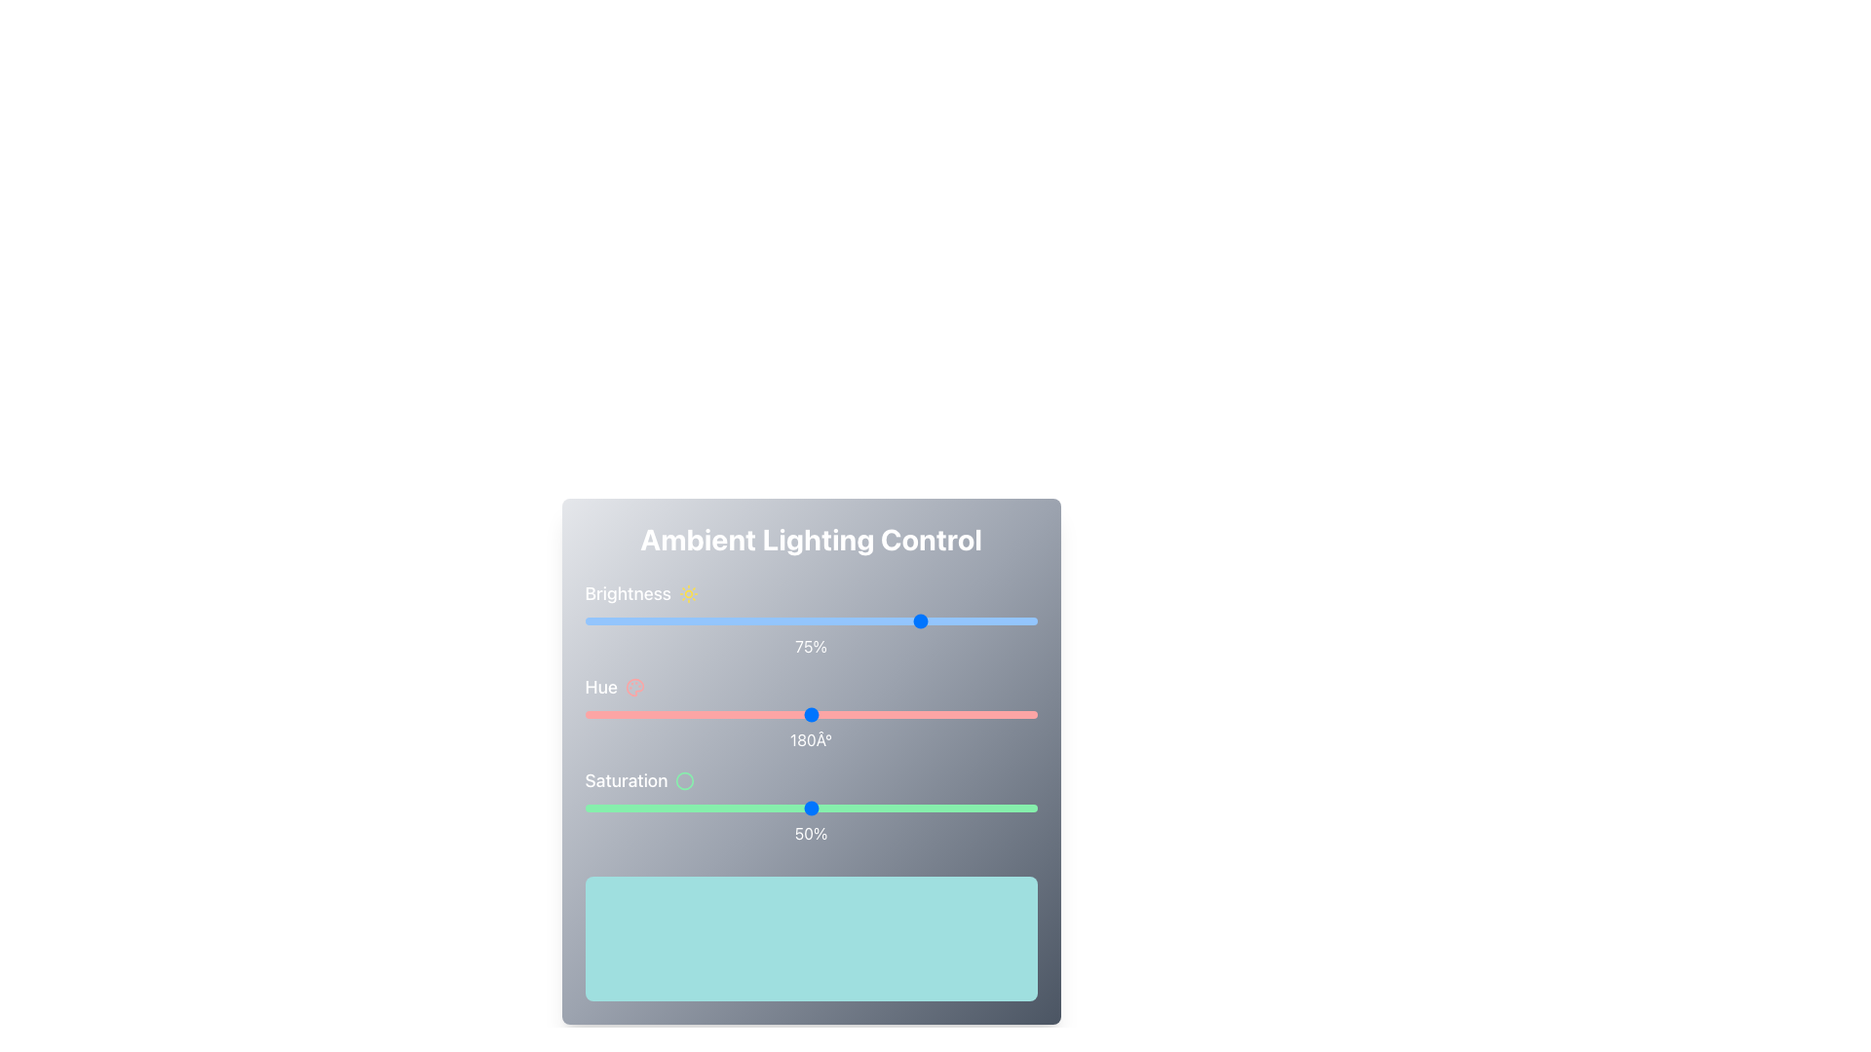  What do you see at coordinates (862, 714) in the screenshot?
I see `hue` at bounding box center [862, 714].